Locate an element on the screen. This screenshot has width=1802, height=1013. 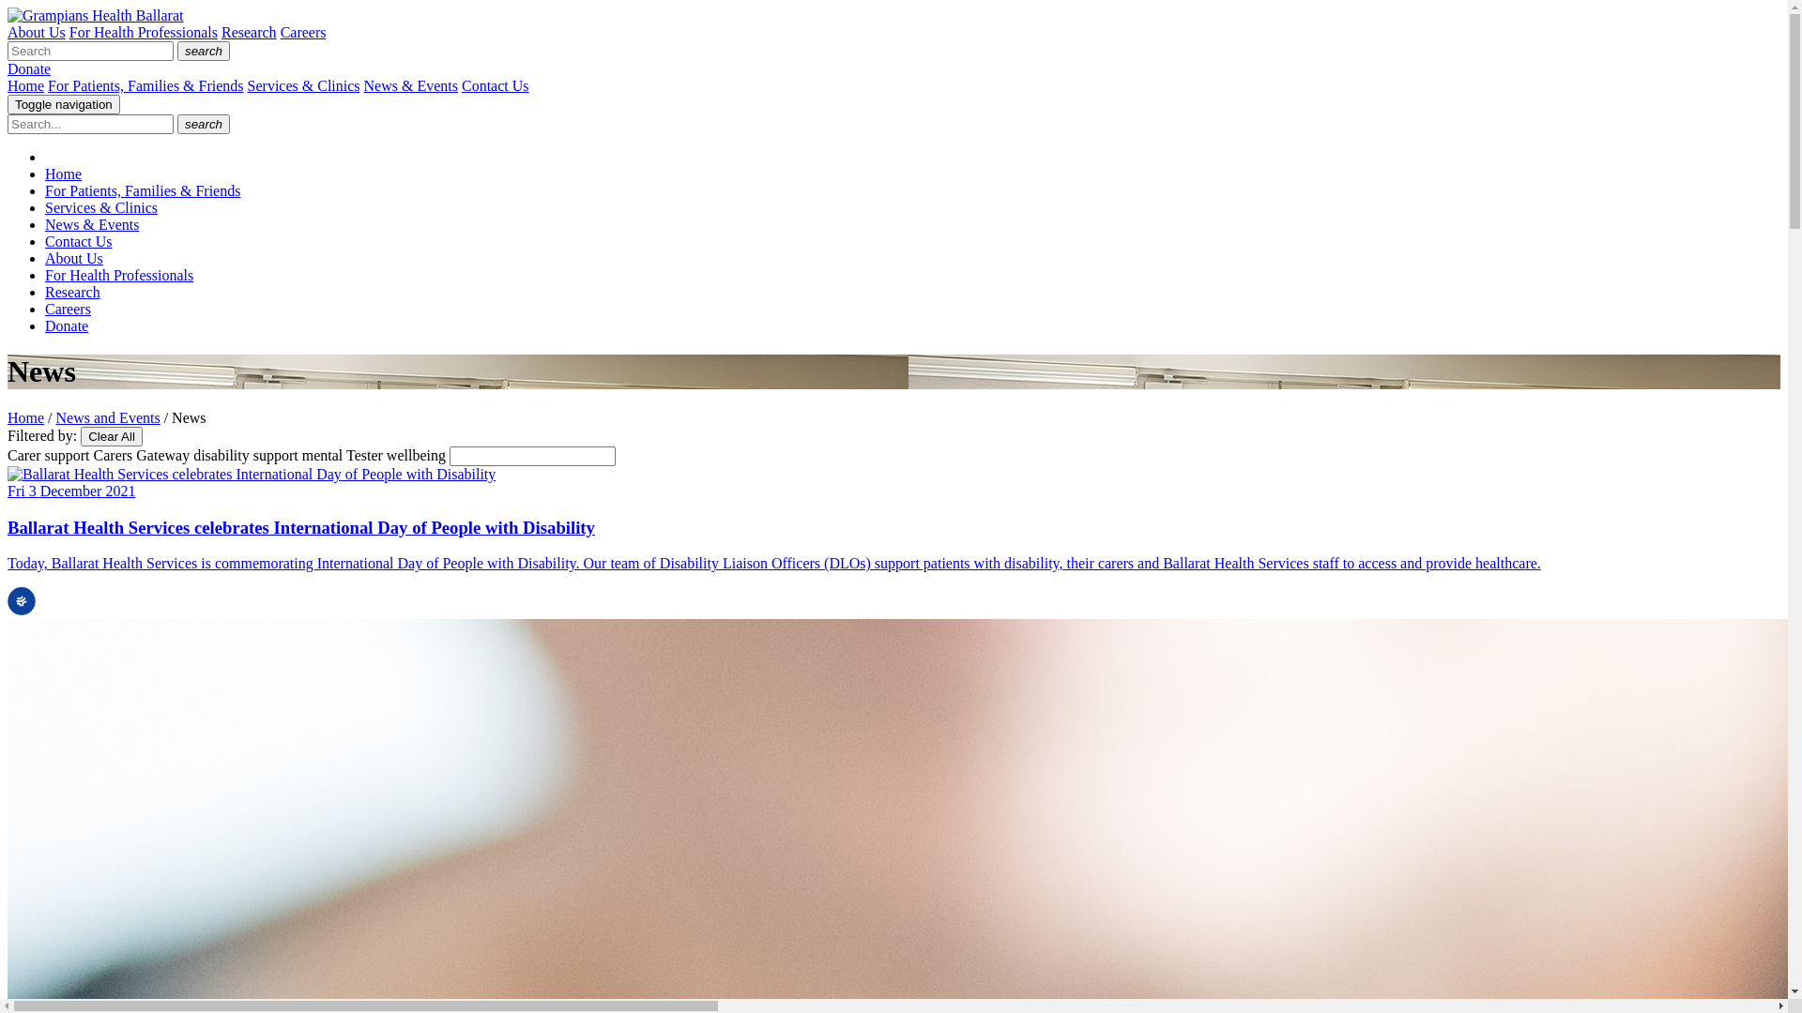
'For Health Professionals' is located at coordinates (69, 32).